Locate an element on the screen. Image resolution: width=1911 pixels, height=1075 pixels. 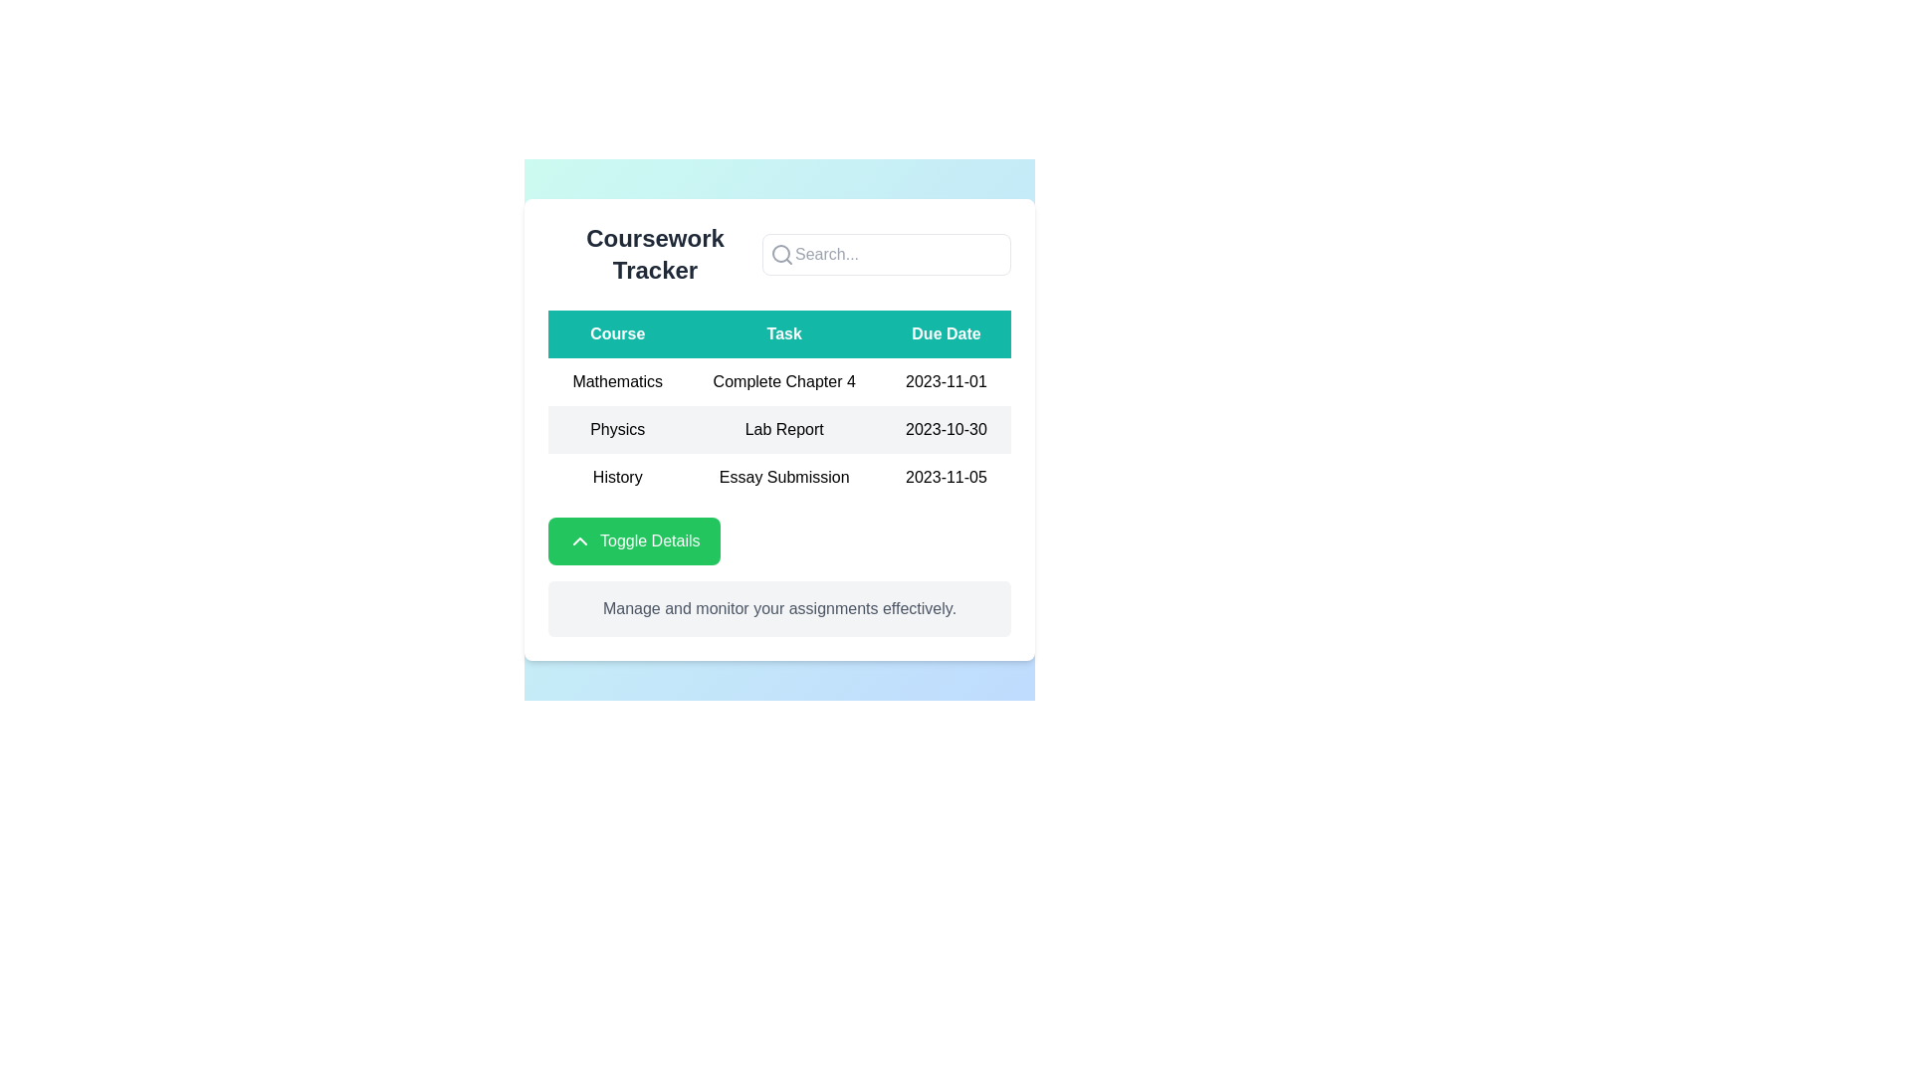
information displayed in the centrally located Coursework Tracker table, which includes details about coursework such as course name, task description, and due date is located at coordinates (778, 405).